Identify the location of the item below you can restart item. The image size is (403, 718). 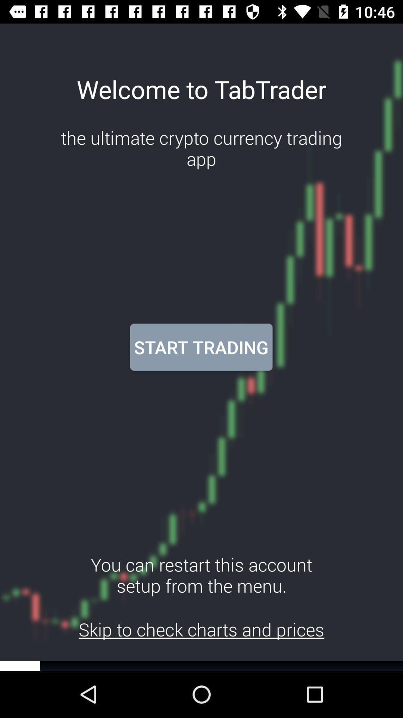
(201, 629).